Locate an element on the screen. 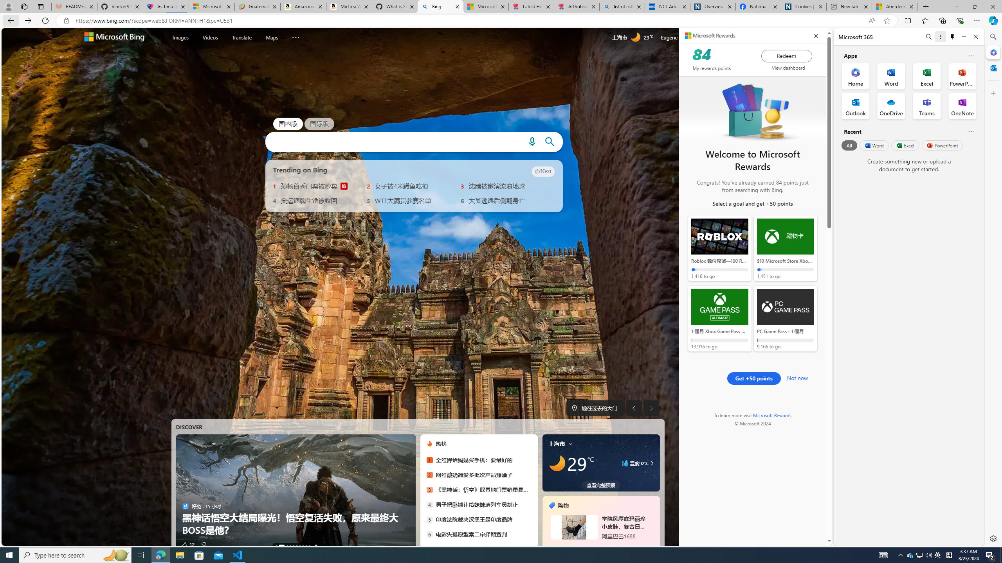  'Videos' is located at coordinates (210, 37).